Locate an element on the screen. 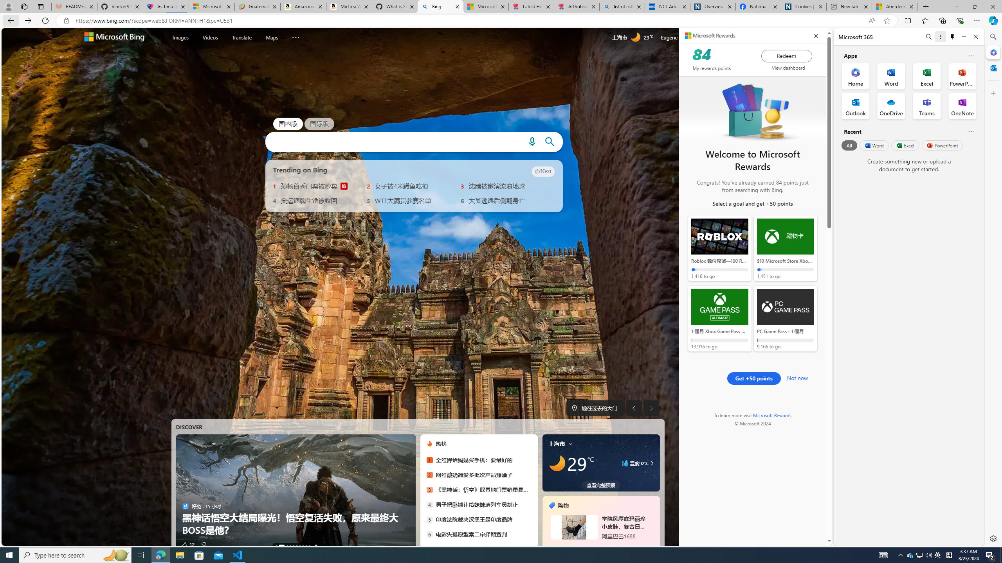  'Videos' is located at coordinates (210, 37).